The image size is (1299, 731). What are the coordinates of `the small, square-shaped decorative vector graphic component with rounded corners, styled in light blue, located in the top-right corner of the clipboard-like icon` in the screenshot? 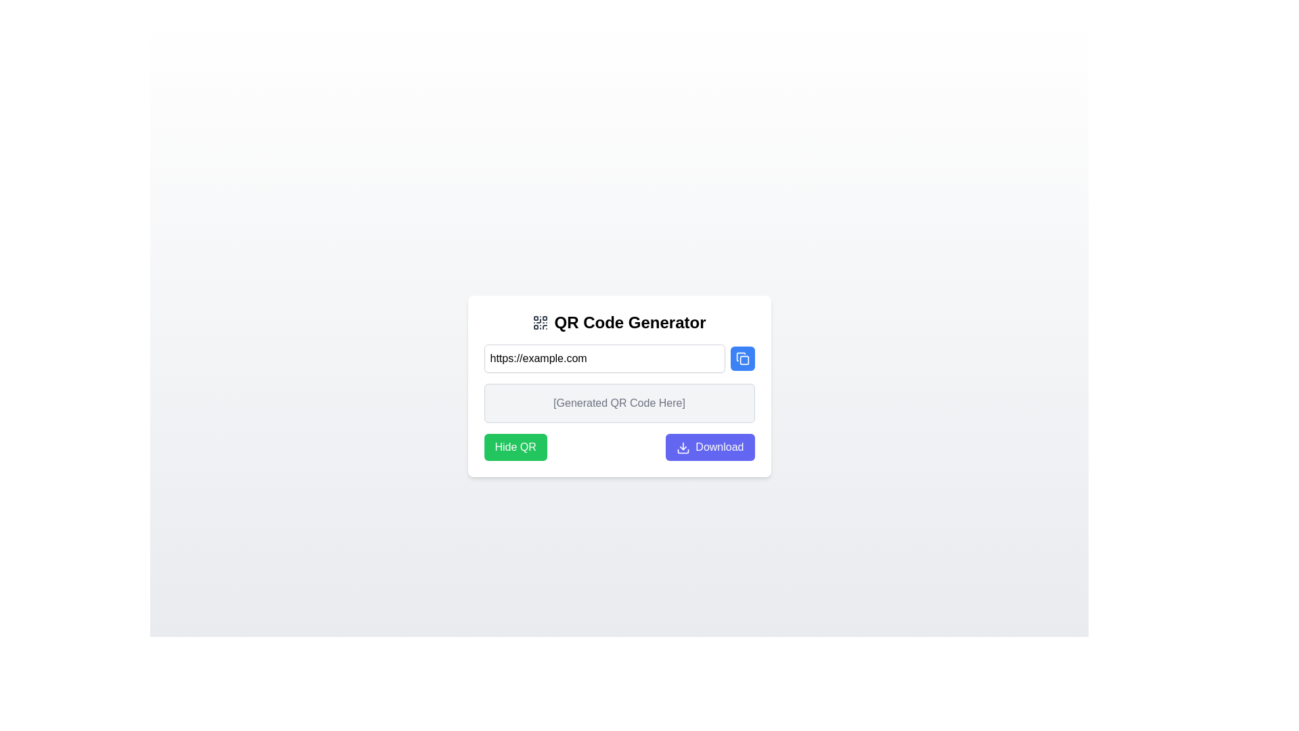 It's located at (743, 359).